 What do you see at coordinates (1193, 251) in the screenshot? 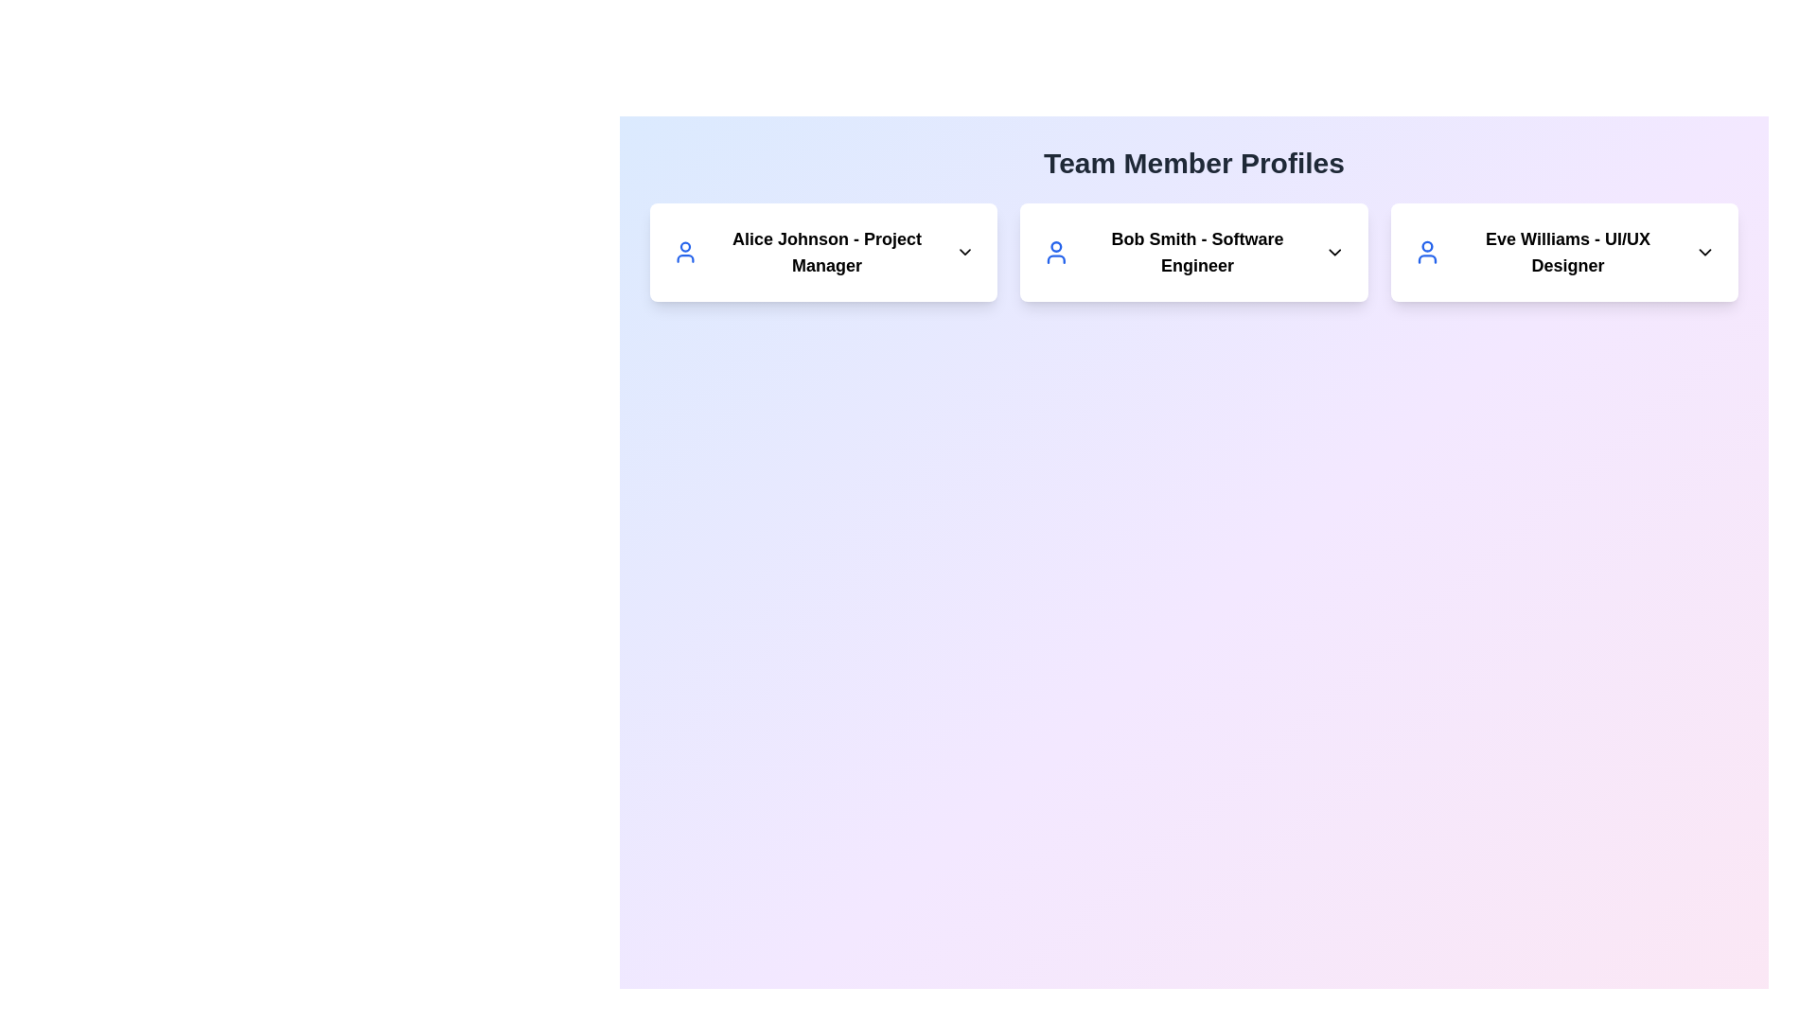
I see `the Profile card displaying 'Bob Smith - Software Engineer', which is the second card in the grid of team member profiles` at bounding box center [1193, 251].